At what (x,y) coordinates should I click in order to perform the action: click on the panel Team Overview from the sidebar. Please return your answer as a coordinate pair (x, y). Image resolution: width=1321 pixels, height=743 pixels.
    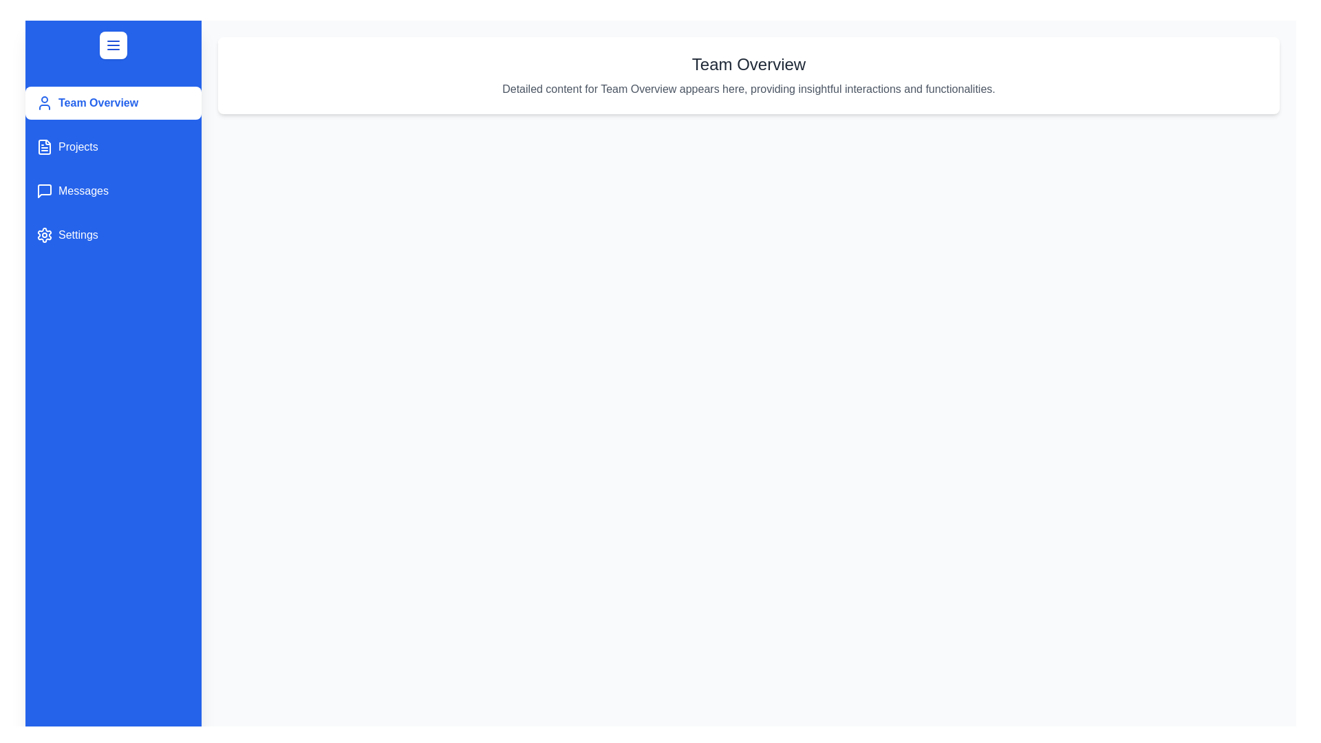
    Looking at the image, I should click on (113, 103).